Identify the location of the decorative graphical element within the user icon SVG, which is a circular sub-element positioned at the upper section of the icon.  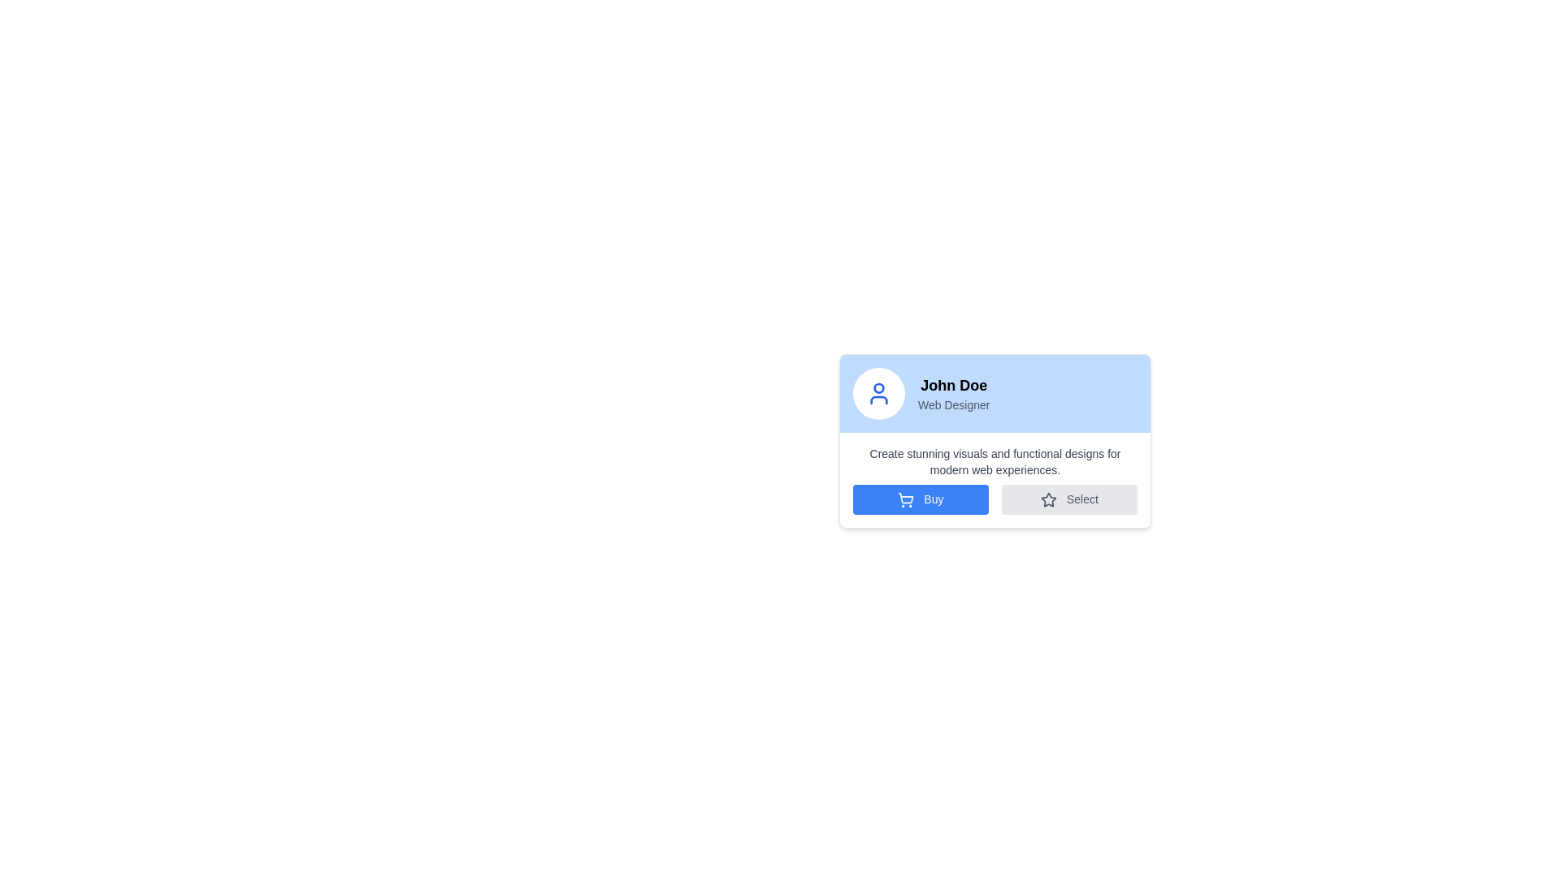
(877, 388).